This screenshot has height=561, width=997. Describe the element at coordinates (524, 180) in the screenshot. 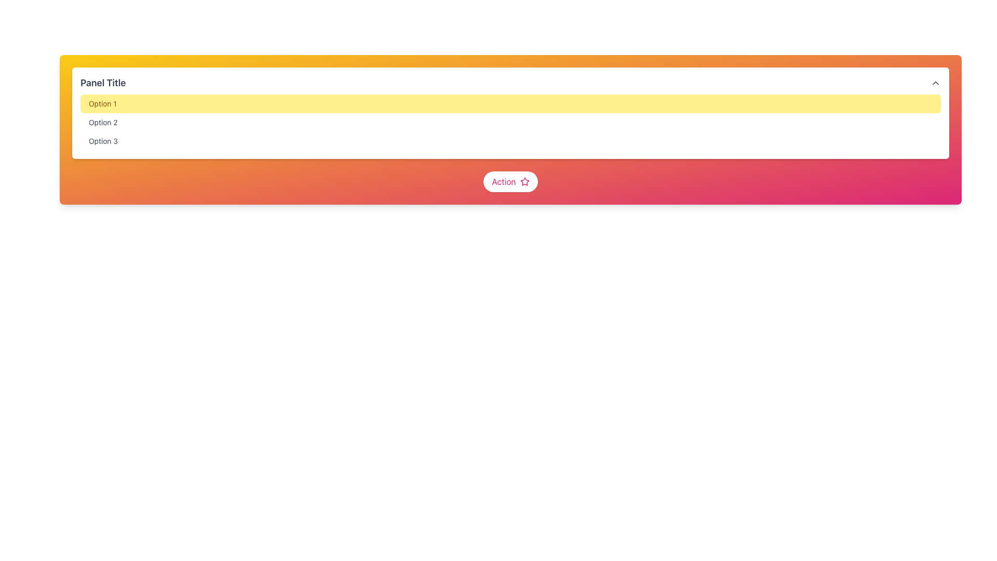

I see `the star-shaped pink icon located within the 'Action' button` at that location.